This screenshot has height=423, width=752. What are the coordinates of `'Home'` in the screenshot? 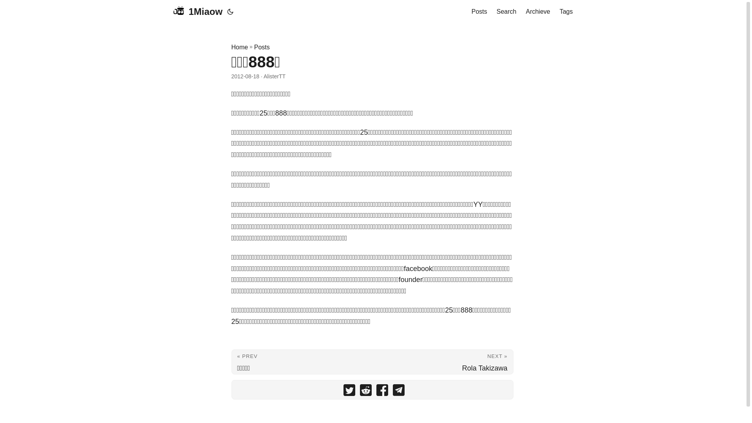 It's located at (239, 47).